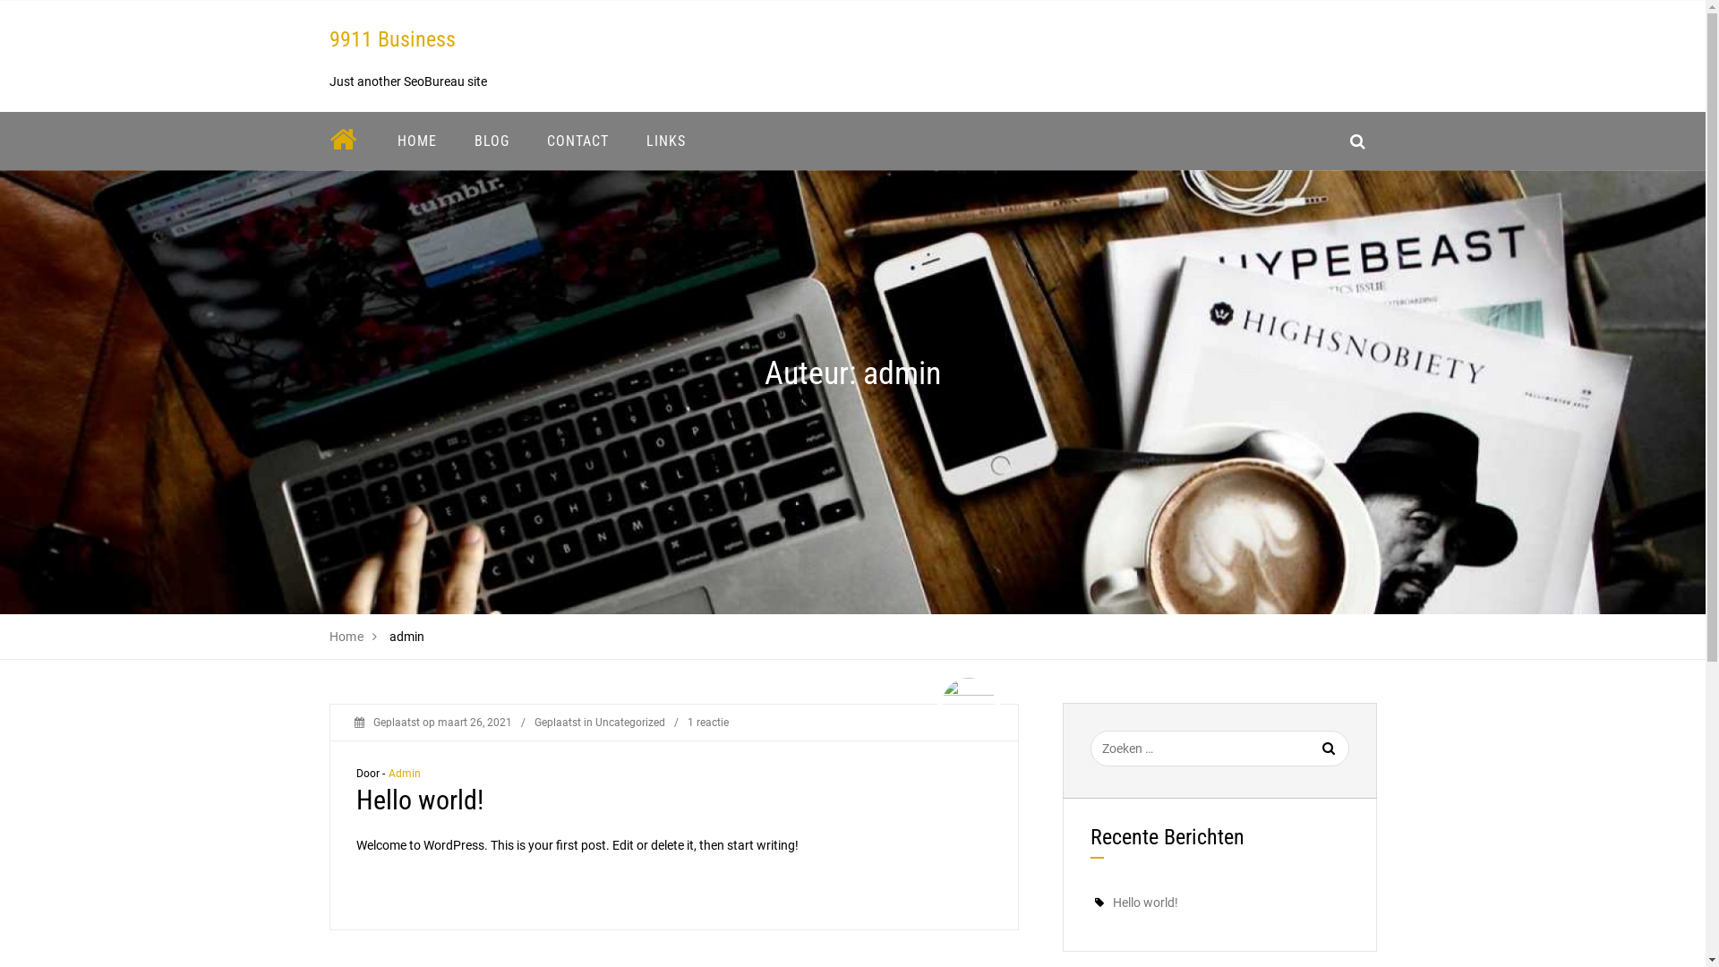 The height and width of the screenshot is (967, 1719). Describe the element at coordinates (707, 721) in the screenshot. I see `'1 reactie` at that location.